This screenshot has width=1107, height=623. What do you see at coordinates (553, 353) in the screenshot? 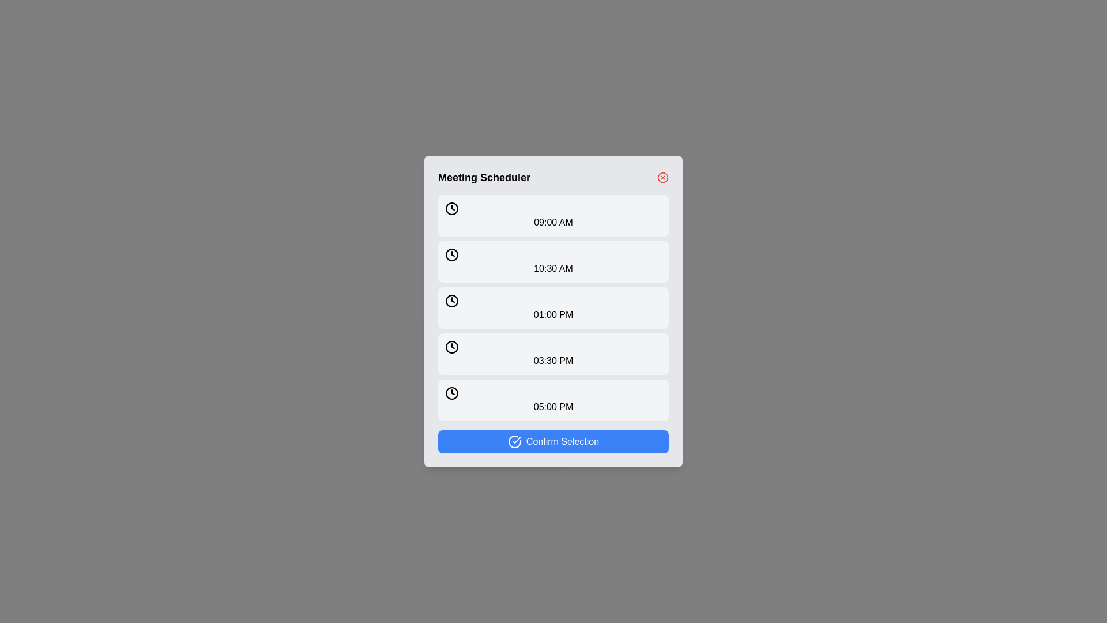
I see `the time slot button corresponding to 03:30 PM` at bounding box center [553, 353].